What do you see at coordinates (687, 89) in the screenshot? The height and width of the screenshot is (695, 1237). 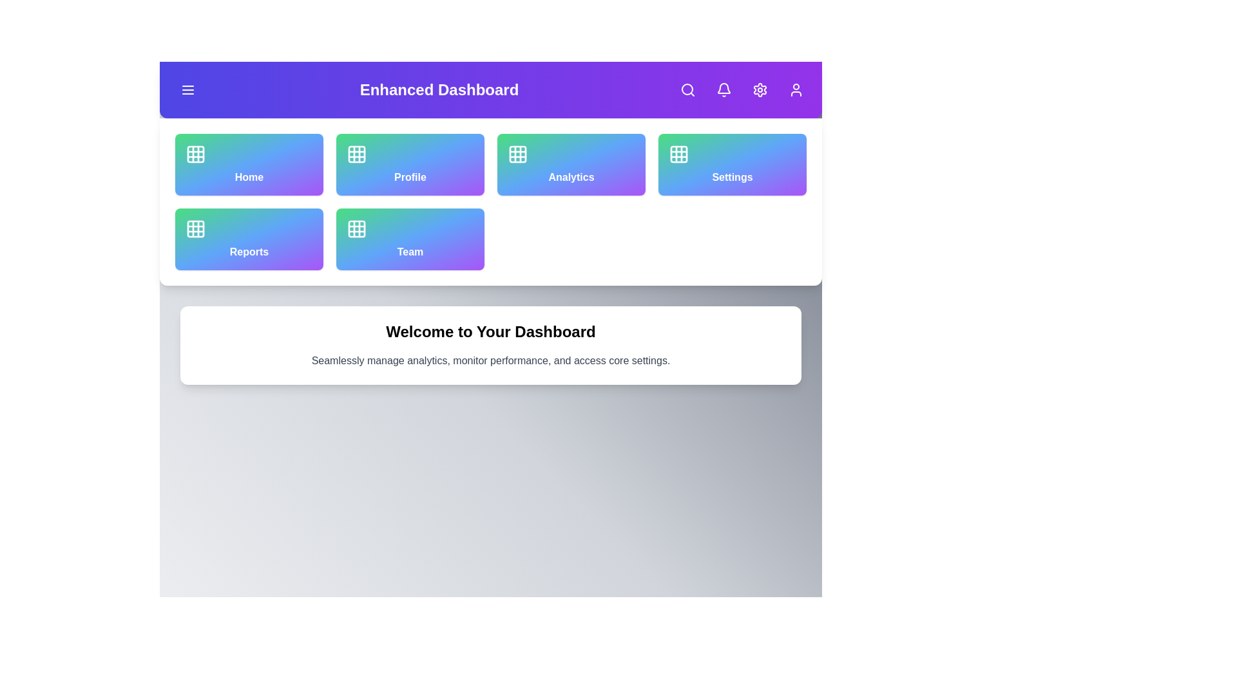 I see `the search button in the app bar` at bounding box center [687, 89].